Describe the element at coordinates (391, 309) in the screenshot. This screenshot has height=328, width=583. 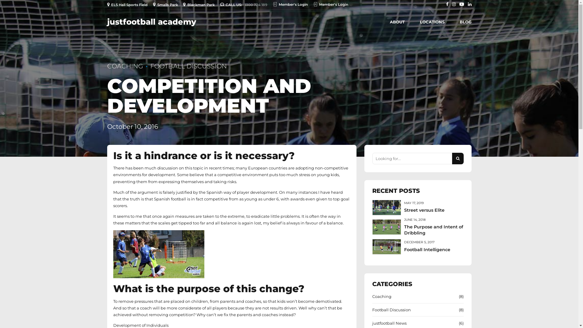
I see `'Football Discussion'` at that location.